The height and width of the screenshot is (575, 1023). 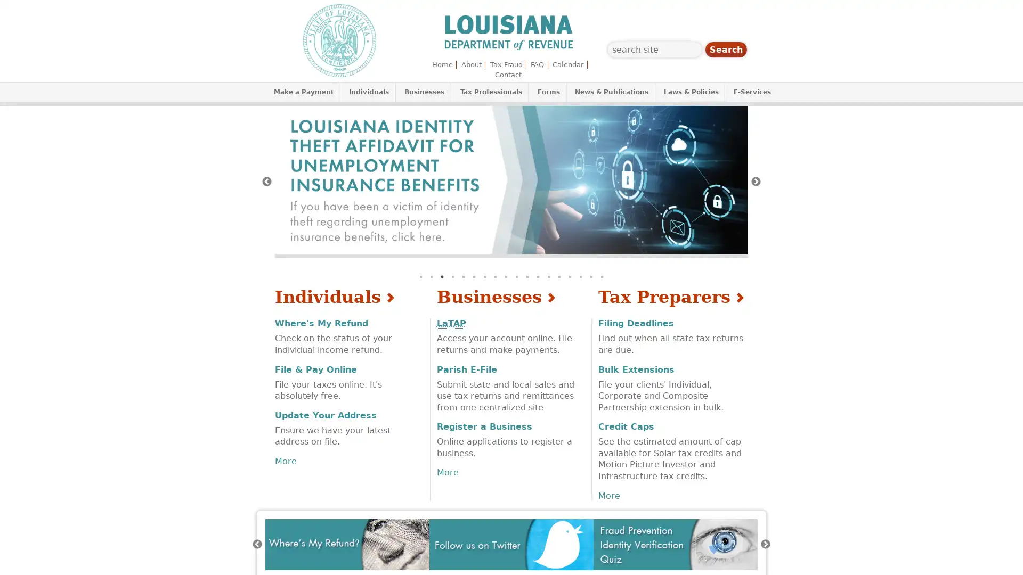 What do you see at coordinates (538, 276) in the screenshot?
I see `12` at bounding box center [538, 276].